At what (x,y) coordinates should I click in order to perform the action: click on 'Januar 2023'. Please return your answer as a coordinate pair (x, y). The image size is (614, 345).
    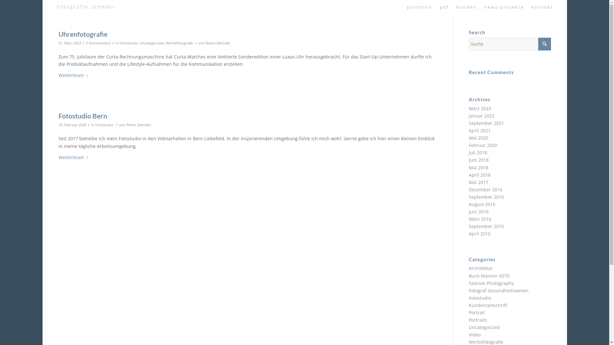
    Looking at the image, I should click on (482, 116).